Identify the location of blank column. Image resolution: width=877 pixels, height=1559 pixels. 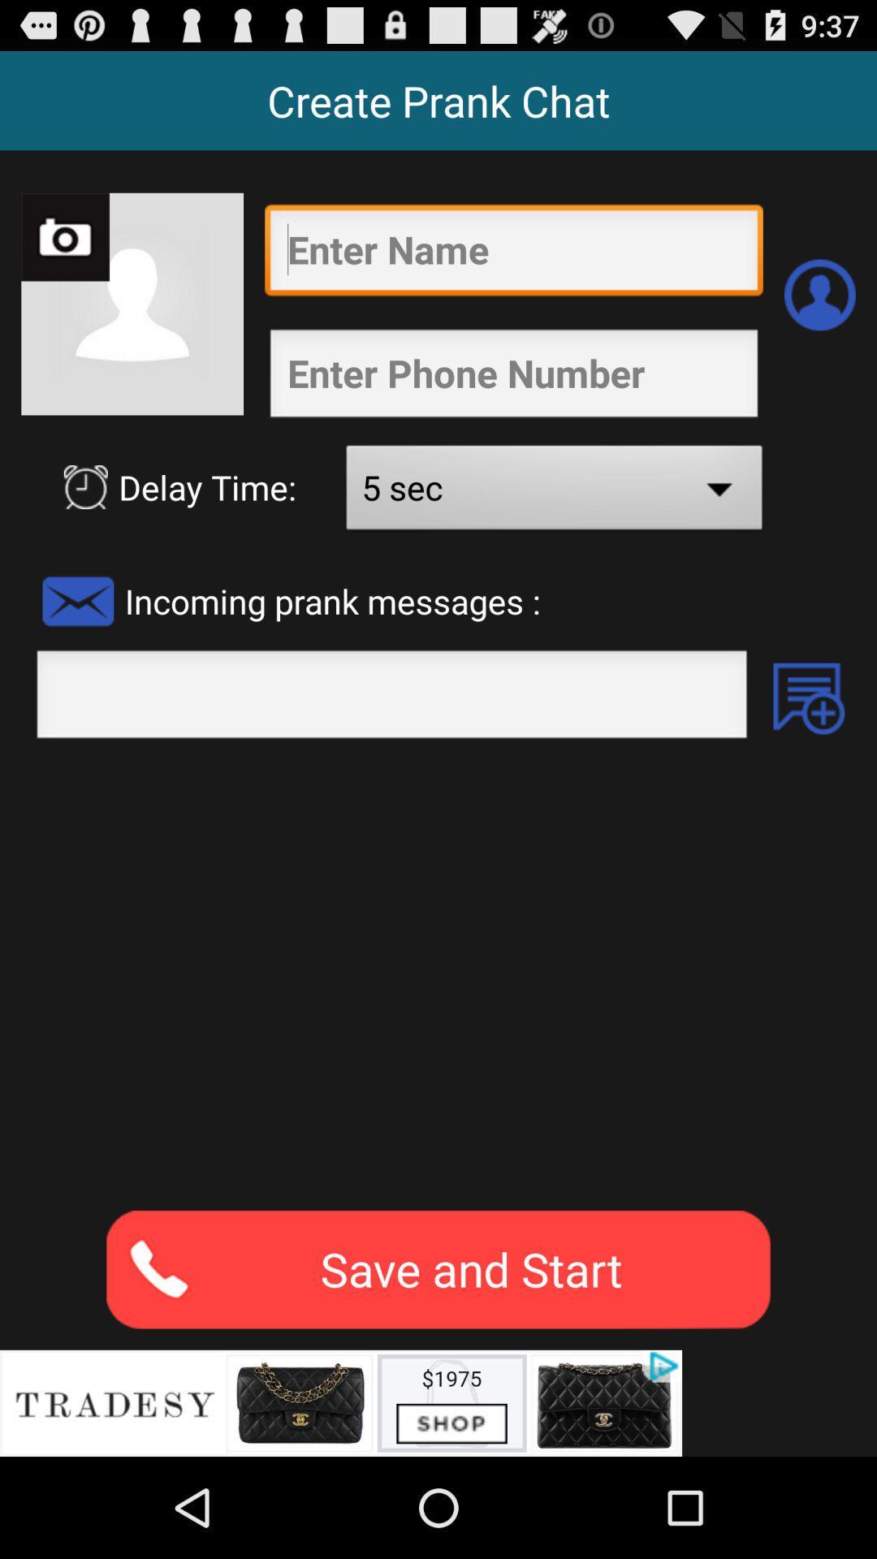
(391, 698).